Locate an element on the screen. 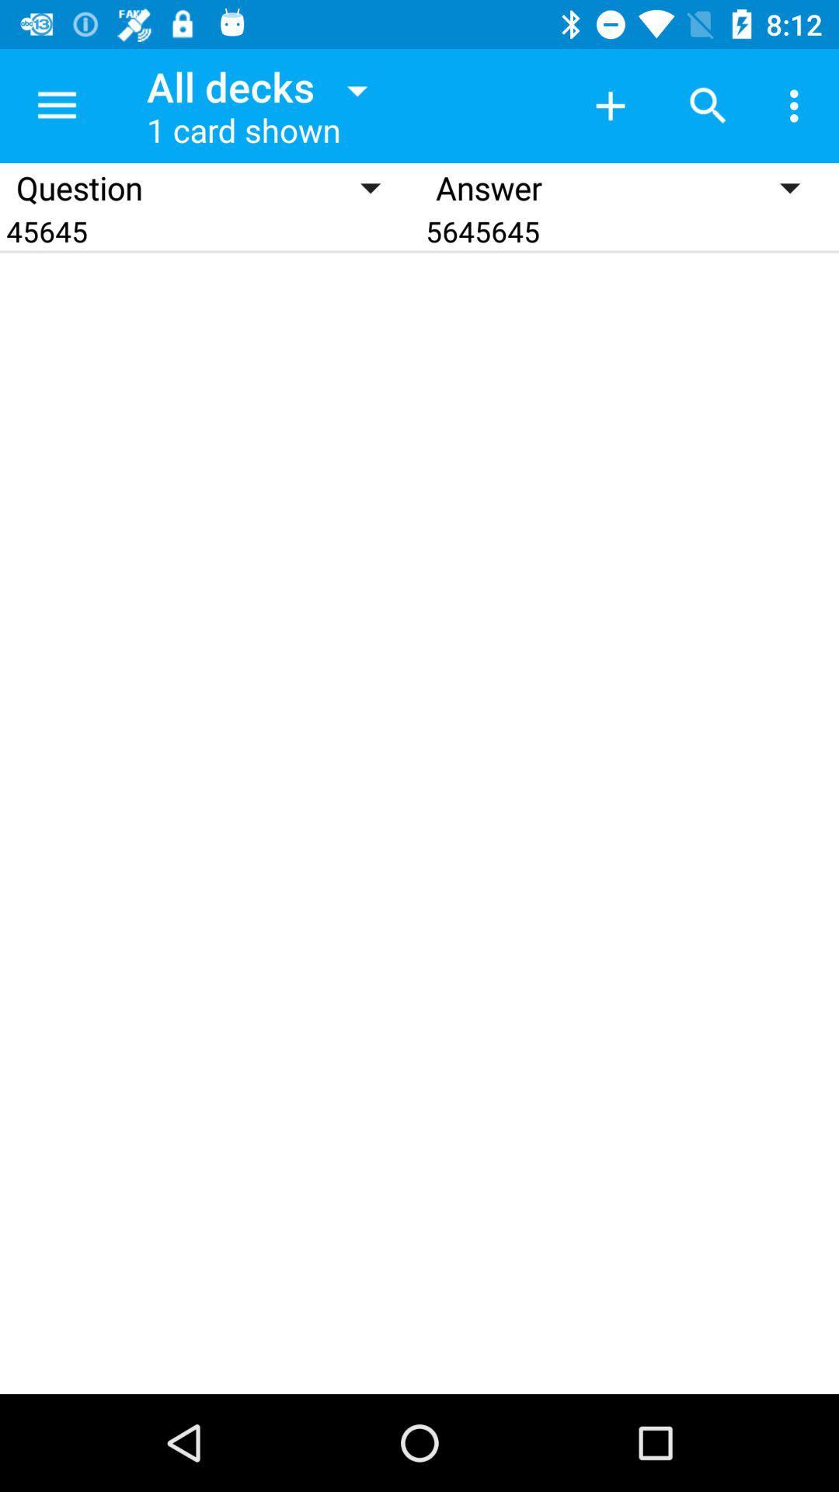  icon next to answer icon is located at coordinates (210, 230).